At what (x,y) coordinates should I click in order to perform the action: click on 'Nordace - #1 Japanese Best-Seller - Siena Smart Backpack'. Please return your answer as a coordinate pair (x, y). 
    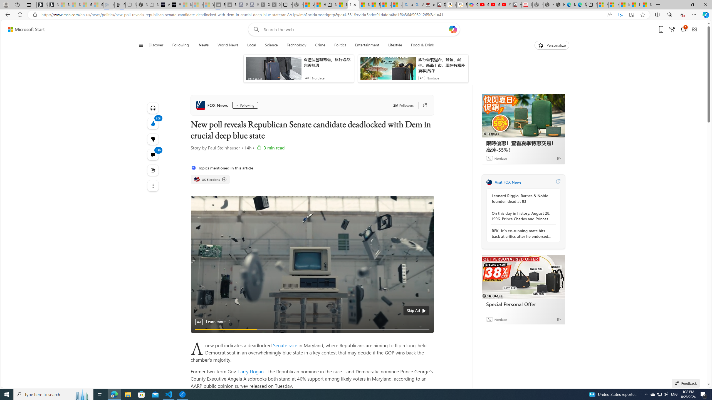
    Looking at the image, I should click on (142, 4).